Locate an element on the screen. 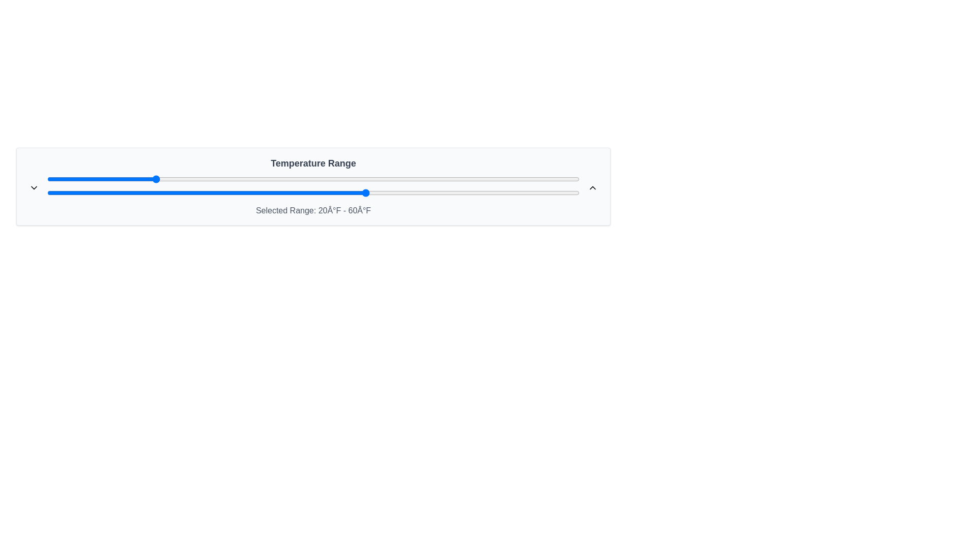 This screenshot has width=977, height=550. the slider is located at coordinates (122, 193).